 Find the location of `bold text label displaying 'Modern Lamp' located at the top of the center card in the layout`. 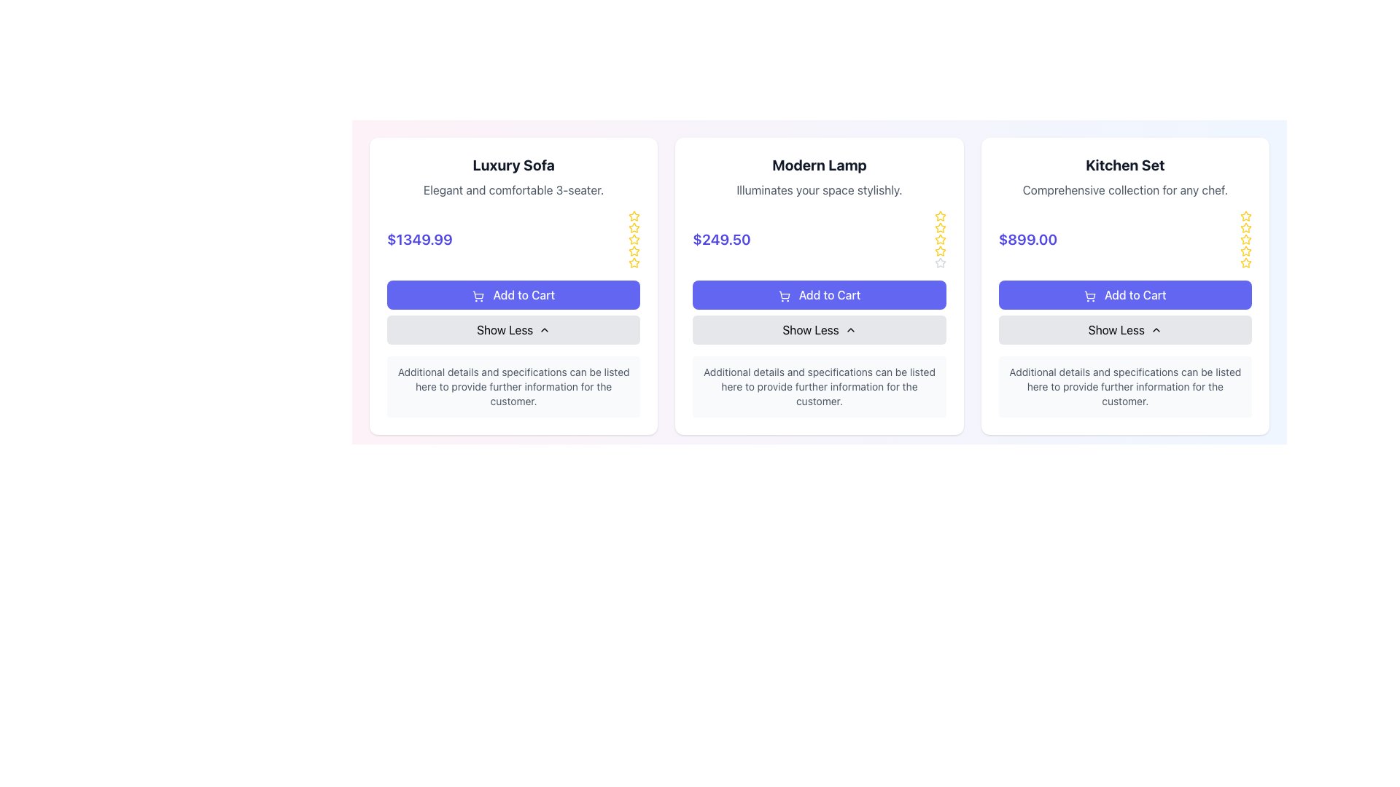

bold text label displaying 'Modern Lamp' located at the top of the center card in the layout is located at coordinates (819, 165).